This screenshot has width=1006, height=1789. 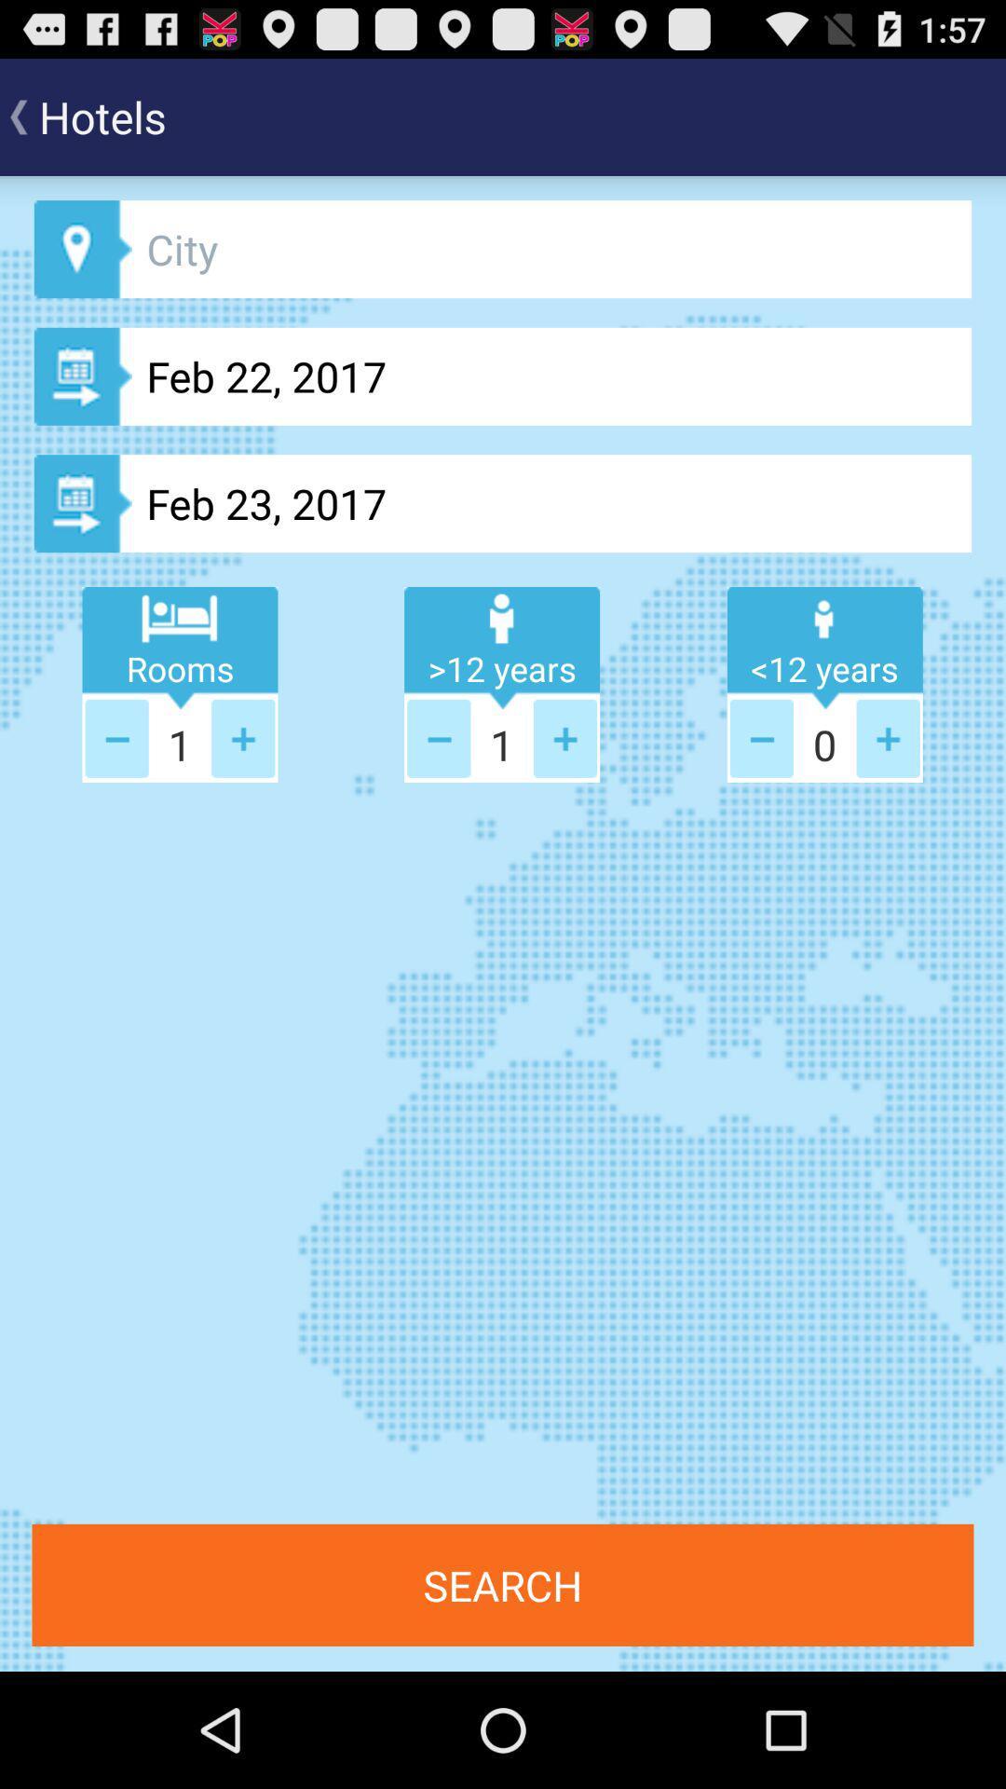 I want to click on the minus icon, so click(x=761, y=790).